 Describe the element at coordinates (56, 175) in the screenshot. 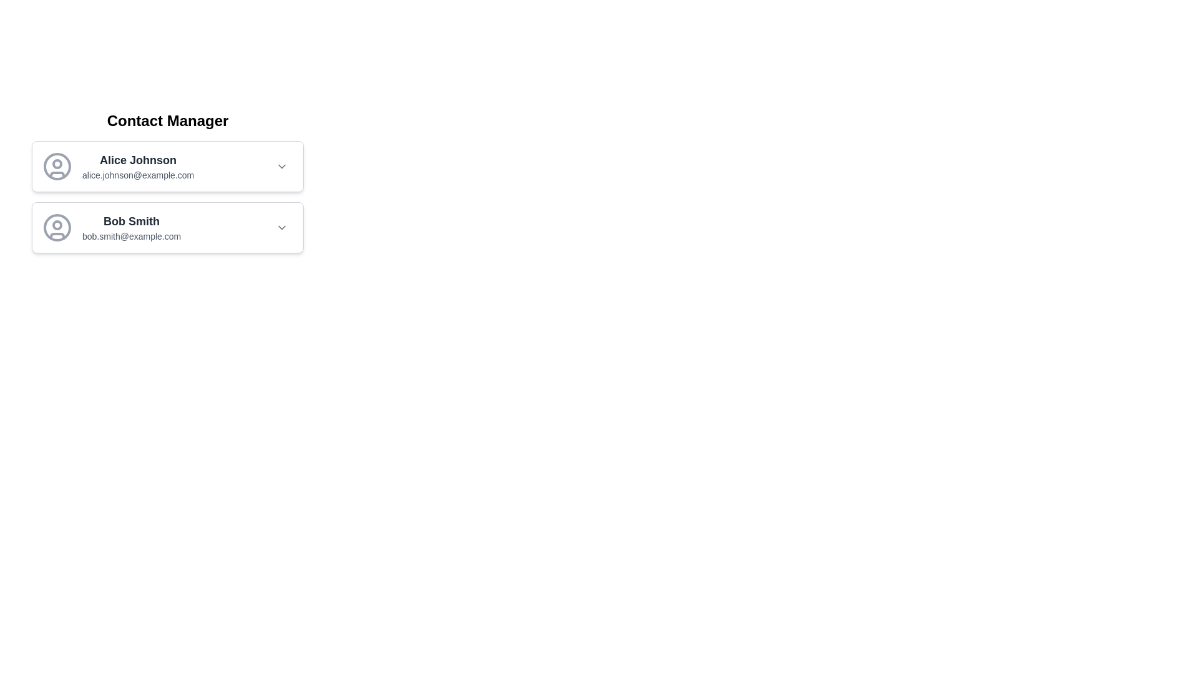

I see `the bottom half of the circular profile icon representing the shoulders or torso of 'Alice Johnson' to trigger tooltips or highlights` at that location.